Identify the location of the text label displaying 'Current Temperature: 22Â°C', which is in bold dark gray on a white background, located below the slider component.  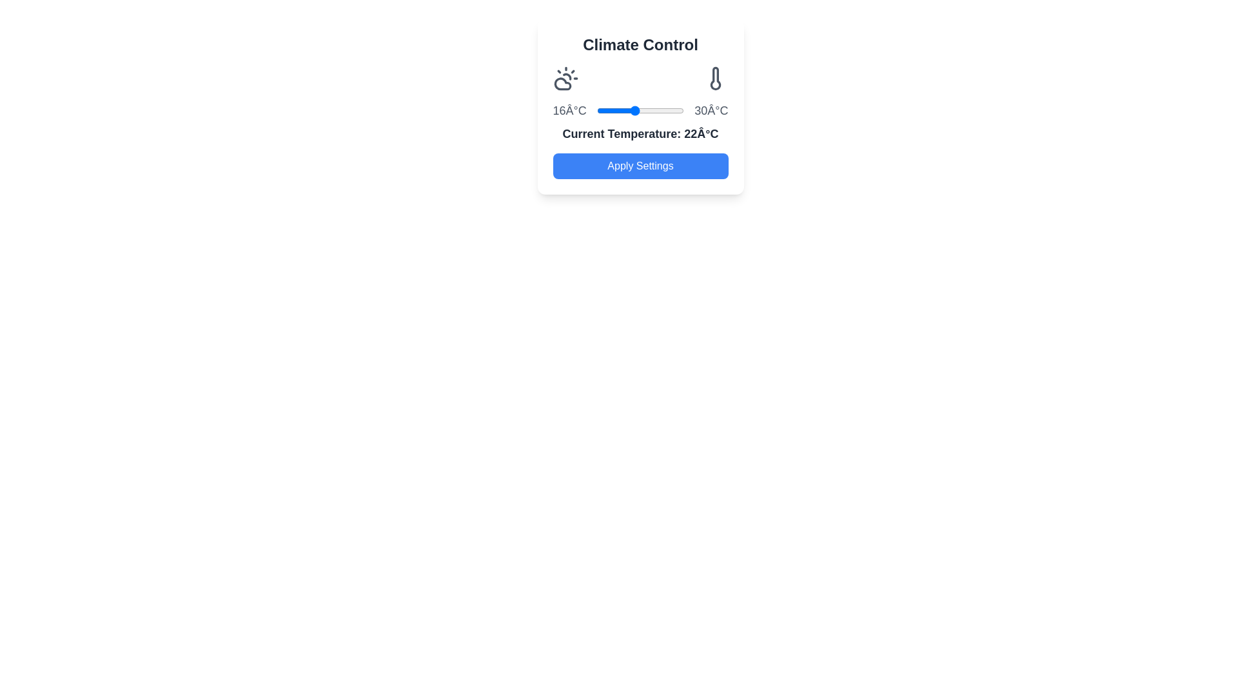
(640, 134).